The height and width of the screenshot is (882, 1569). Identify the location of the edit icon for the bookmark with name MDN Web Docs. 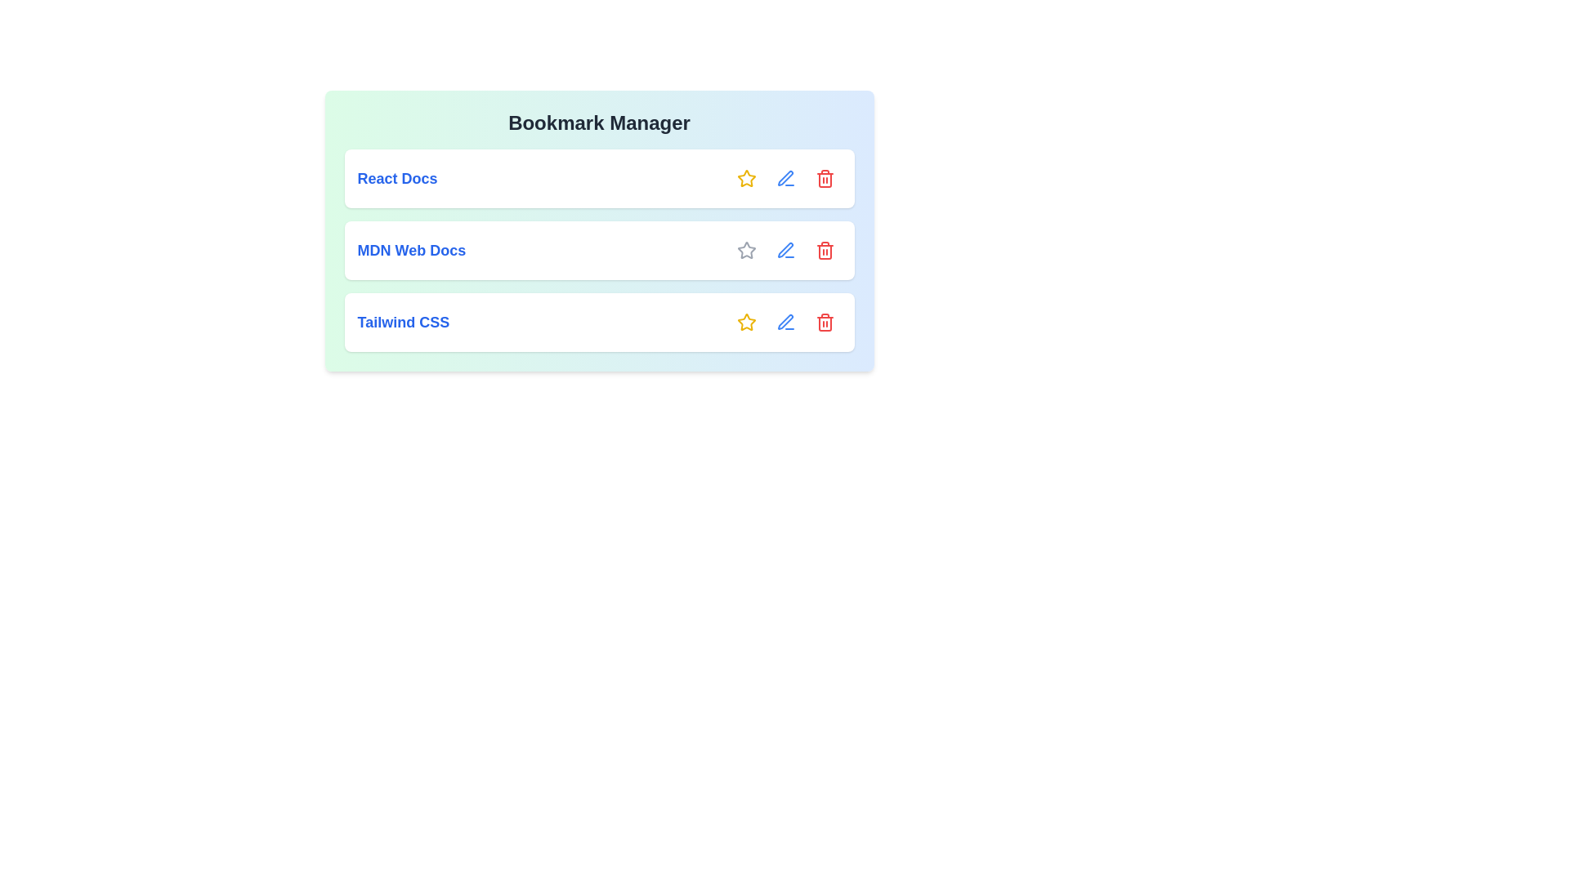
(785, 251).